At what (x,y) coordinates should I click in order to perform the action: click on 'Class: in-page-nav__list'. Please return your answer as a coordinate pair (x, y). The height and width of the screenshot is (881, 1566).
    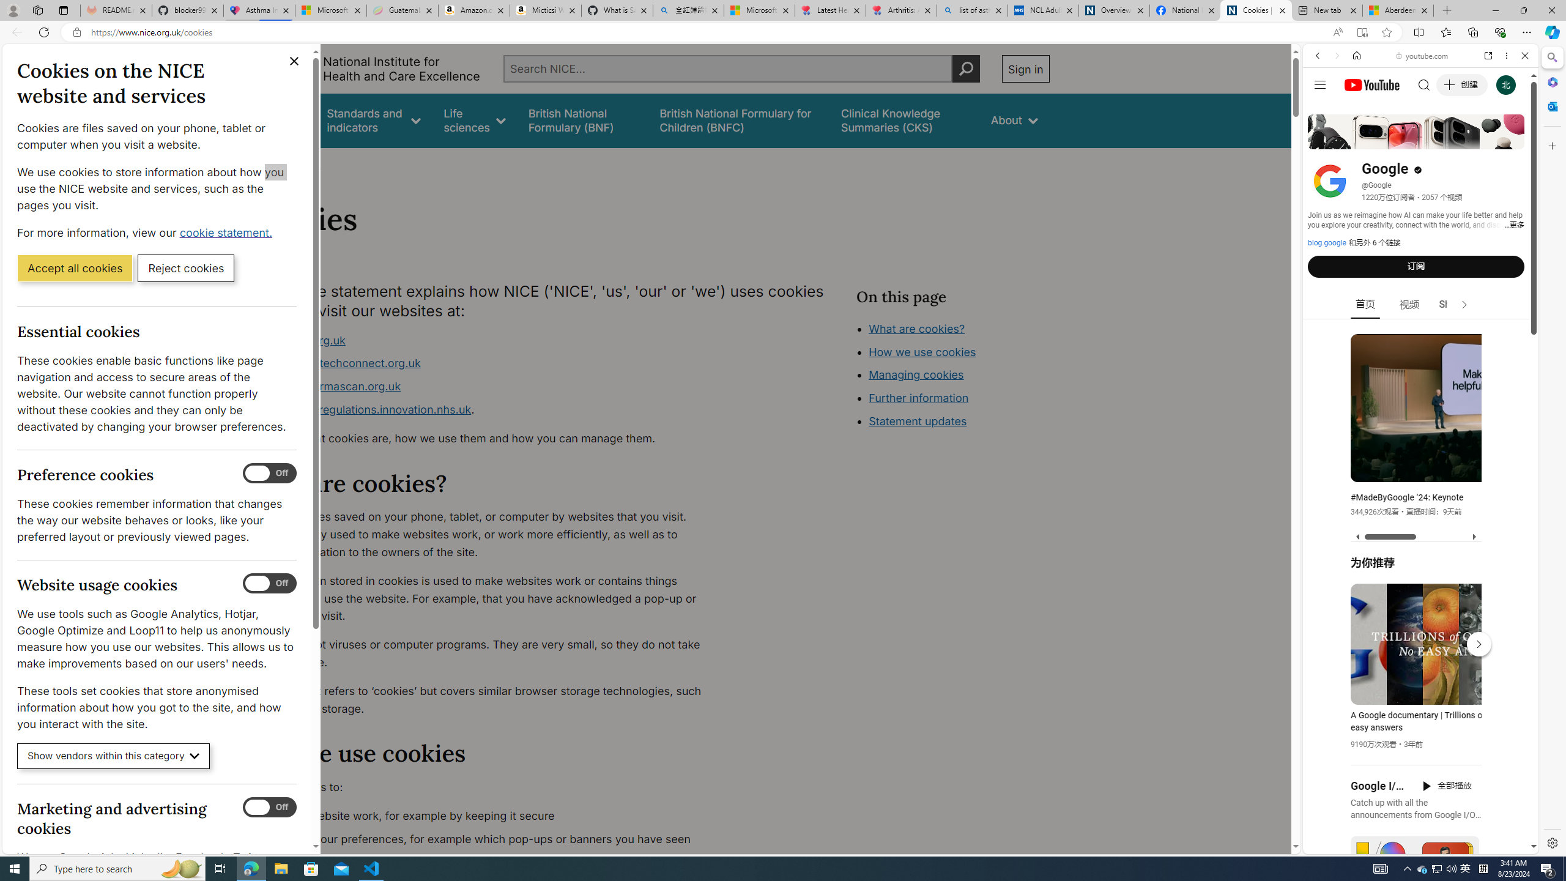
    Looking at the image, I should click on (952, 376).